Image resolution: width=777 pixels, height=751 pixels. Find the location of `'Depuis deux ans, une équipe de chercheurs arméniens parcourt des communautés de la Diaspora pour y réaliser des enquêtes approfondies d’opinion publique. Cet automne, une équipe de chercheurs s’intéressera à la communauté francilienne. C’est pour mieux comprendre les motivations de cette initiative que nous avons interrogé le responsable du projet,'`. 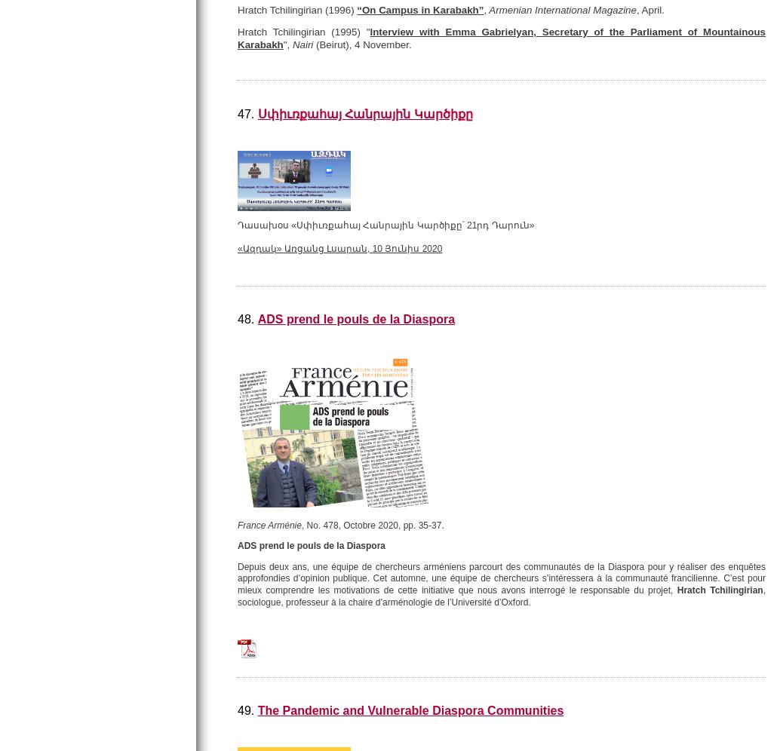

'Depuis deux ans, une équipe de chercheurs arméniens parcourt des communautés de la Diaspora pour y réaliser des enquêtes approfondies d’opinion publique. Cet automne, une équipe de chercheurs s’intéressera à la communauté francilienne. C’est pour mieux comprendre les motivations de cette initiative que nous avons interrogé le responsable du projet,' is located at coordinates (500, 578).